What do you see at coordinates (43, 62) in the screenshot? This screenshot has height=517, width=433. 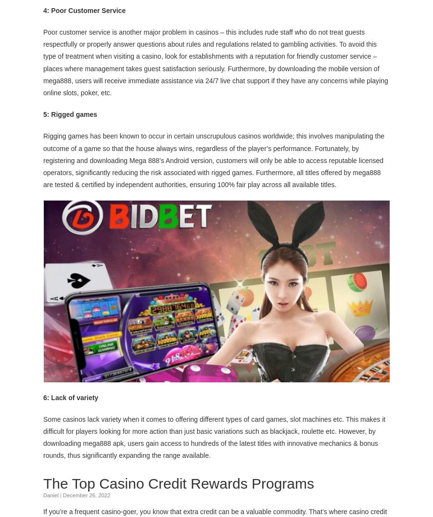 I see `'Poor customer service is another major problem in casinos – this includes rude staff who do not treat guests respectfully or properly answer questions about rules and regulations related to gambling activities. To avoid this type of treatment when visiting a casino, look for establishments with a reputation for friendly customer service – places where management takes guest satisfaction seriously. Furthermore, by downloading the mobile version of mega888, users will receive immediate assistance via 24/7 live chat support if they have any concerns while playing online slots, poker, etc.'` at bounding box center [43, 62].